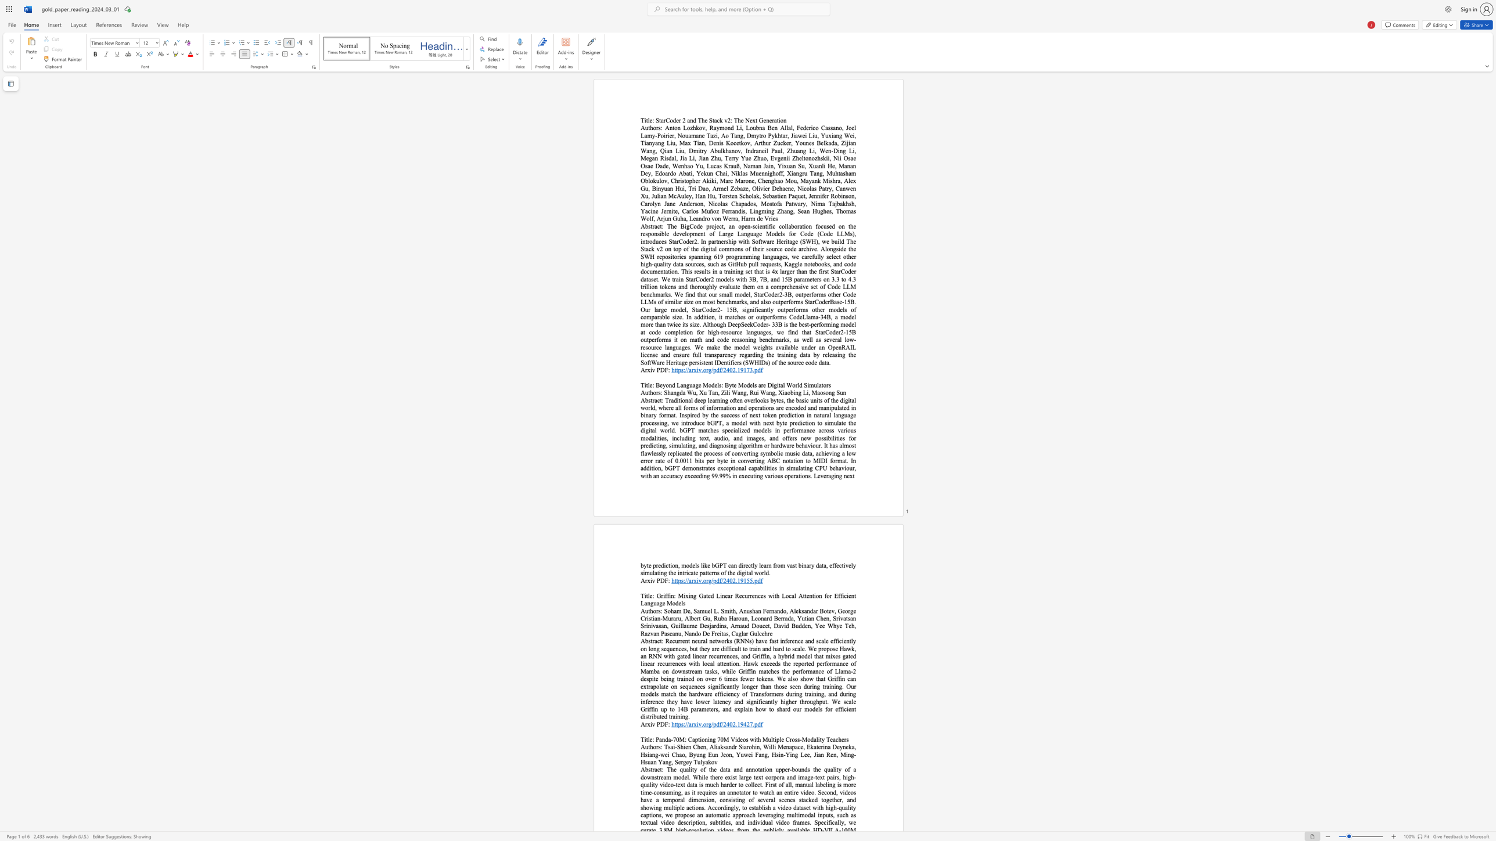  Describe the element at coordinates (641, 565) in the screenshot. I see `the subset text "byte prediction, models like bGPT can directly learn from vast binary data, effectively simulating the intricate patterns of the di" within the text "byte prediction, models like bGPT can directly learn from vast binary data, effectively simulating the intricate patterns of the digital world."` at that location.